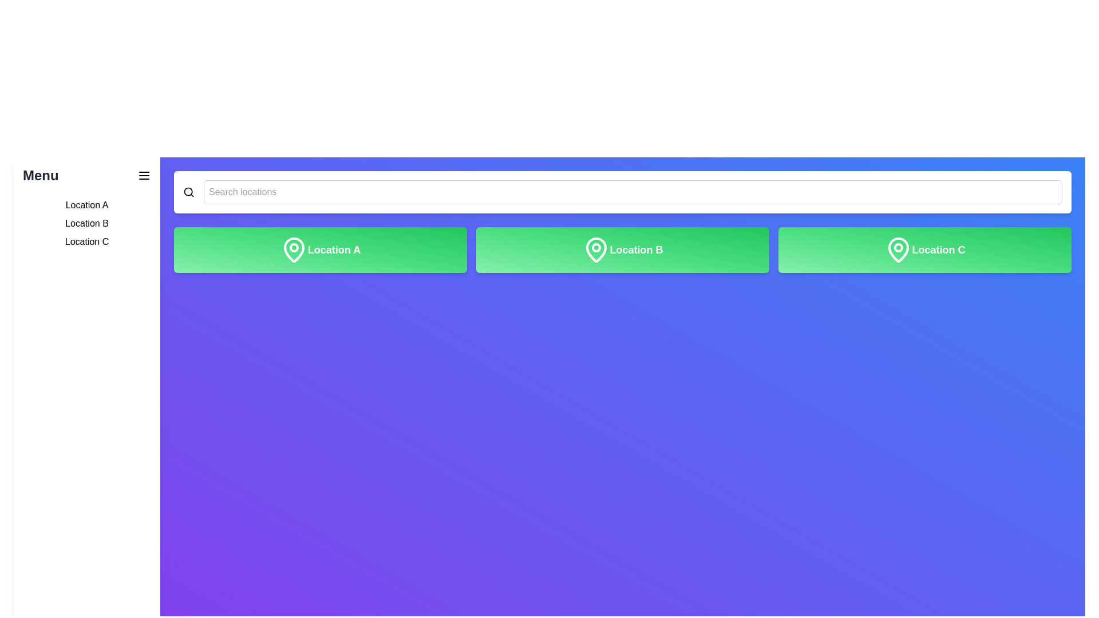 This screenshot has height=618, width=1099. I want to click on the text label displaying 'Location A' in the left sidebar, so click(86, 204).